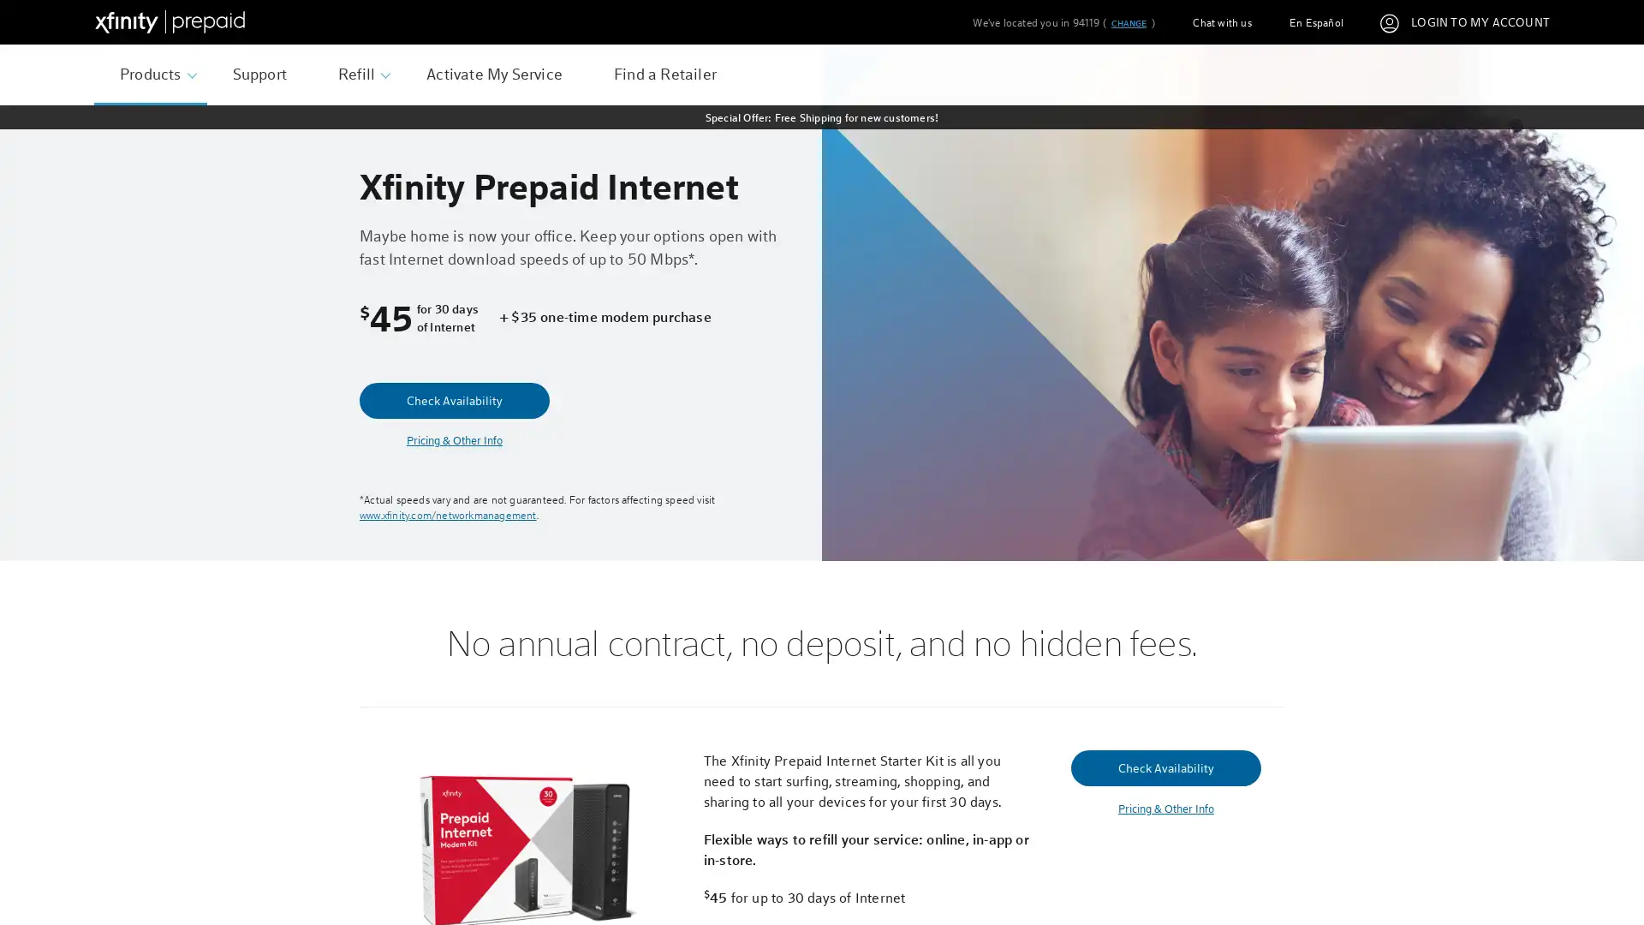 This screenshot has height=925, width=1644. What do you see at coordinates (1164, 766) in the screenshot?
I see `Check Availability` at bounding box center [1164, 766].